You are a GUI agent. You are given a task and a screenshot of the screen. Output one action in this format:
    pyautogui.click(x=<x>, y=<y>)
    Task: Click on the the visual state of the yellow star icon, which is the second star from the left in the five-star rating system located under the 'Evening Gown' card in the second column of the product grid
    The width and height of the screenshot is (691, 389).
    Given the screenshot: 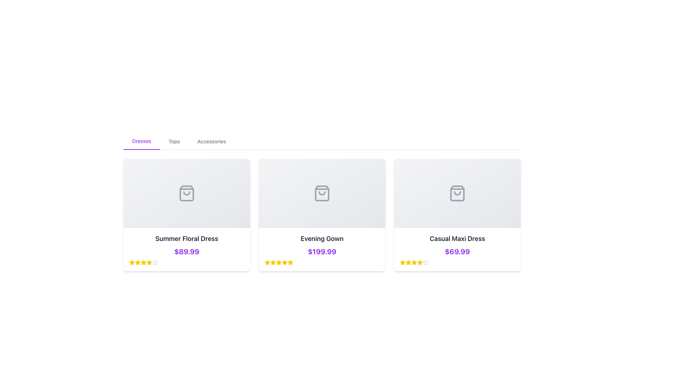 What is the action you would take?
    pyautogui.click(x=272, y=262)
    